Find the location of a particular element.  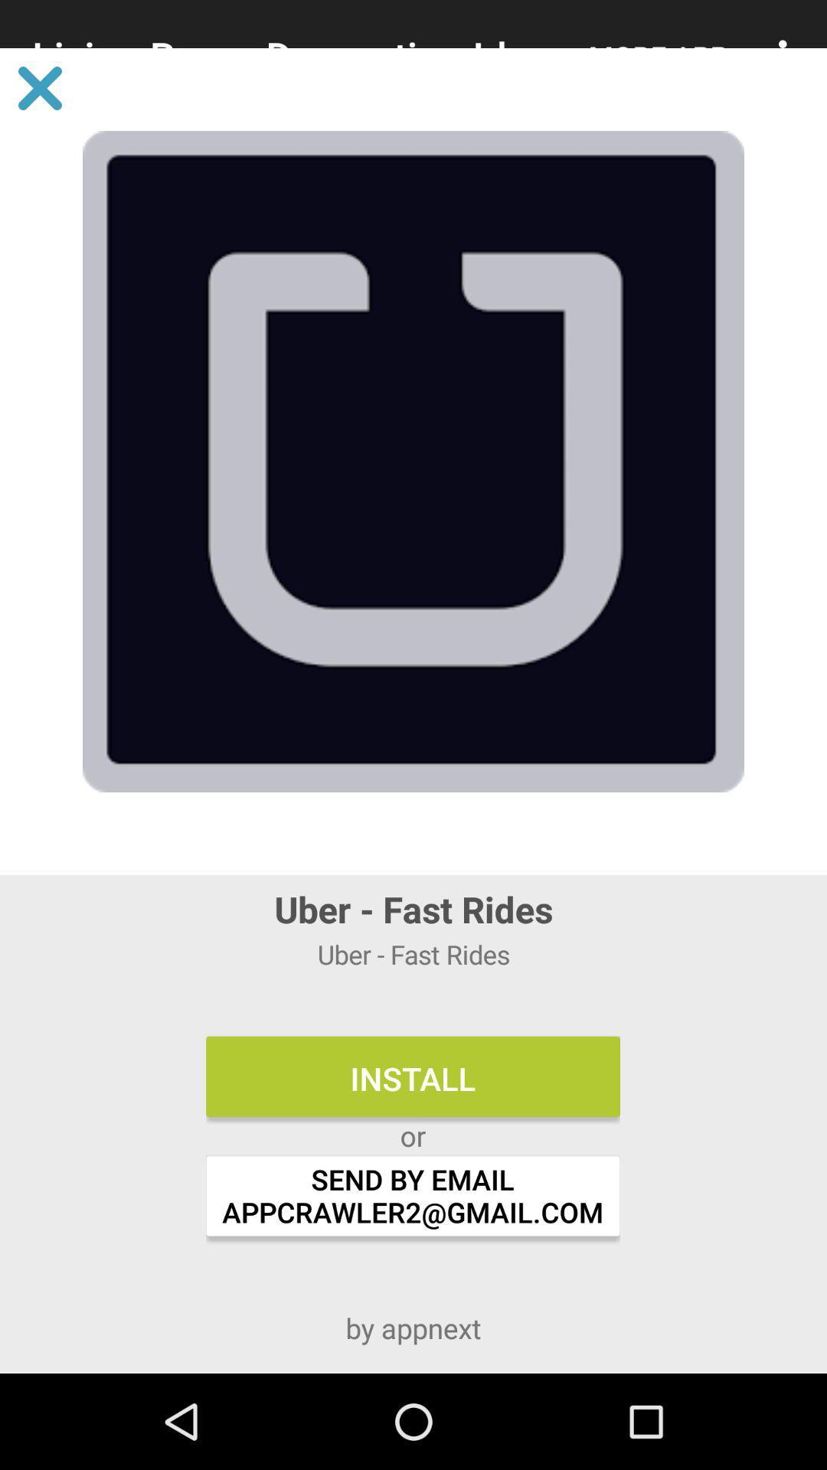

the close icon is located at coordinates (39, 87).